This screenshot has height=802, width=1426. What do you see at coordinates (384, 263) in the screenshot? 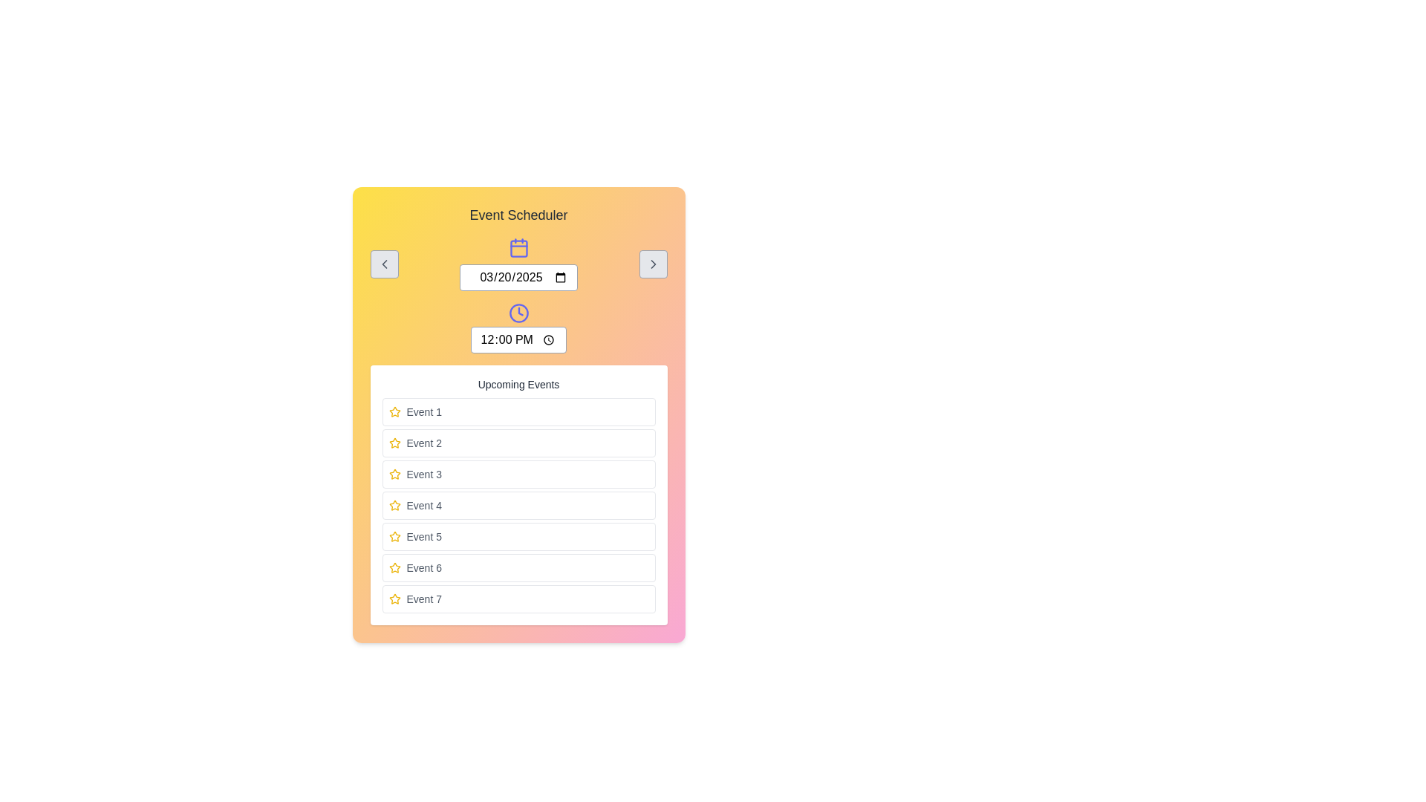
I see `the left arrow icon within the navigation button in the Event Scheduler interface` at bounding box center [384, 263].